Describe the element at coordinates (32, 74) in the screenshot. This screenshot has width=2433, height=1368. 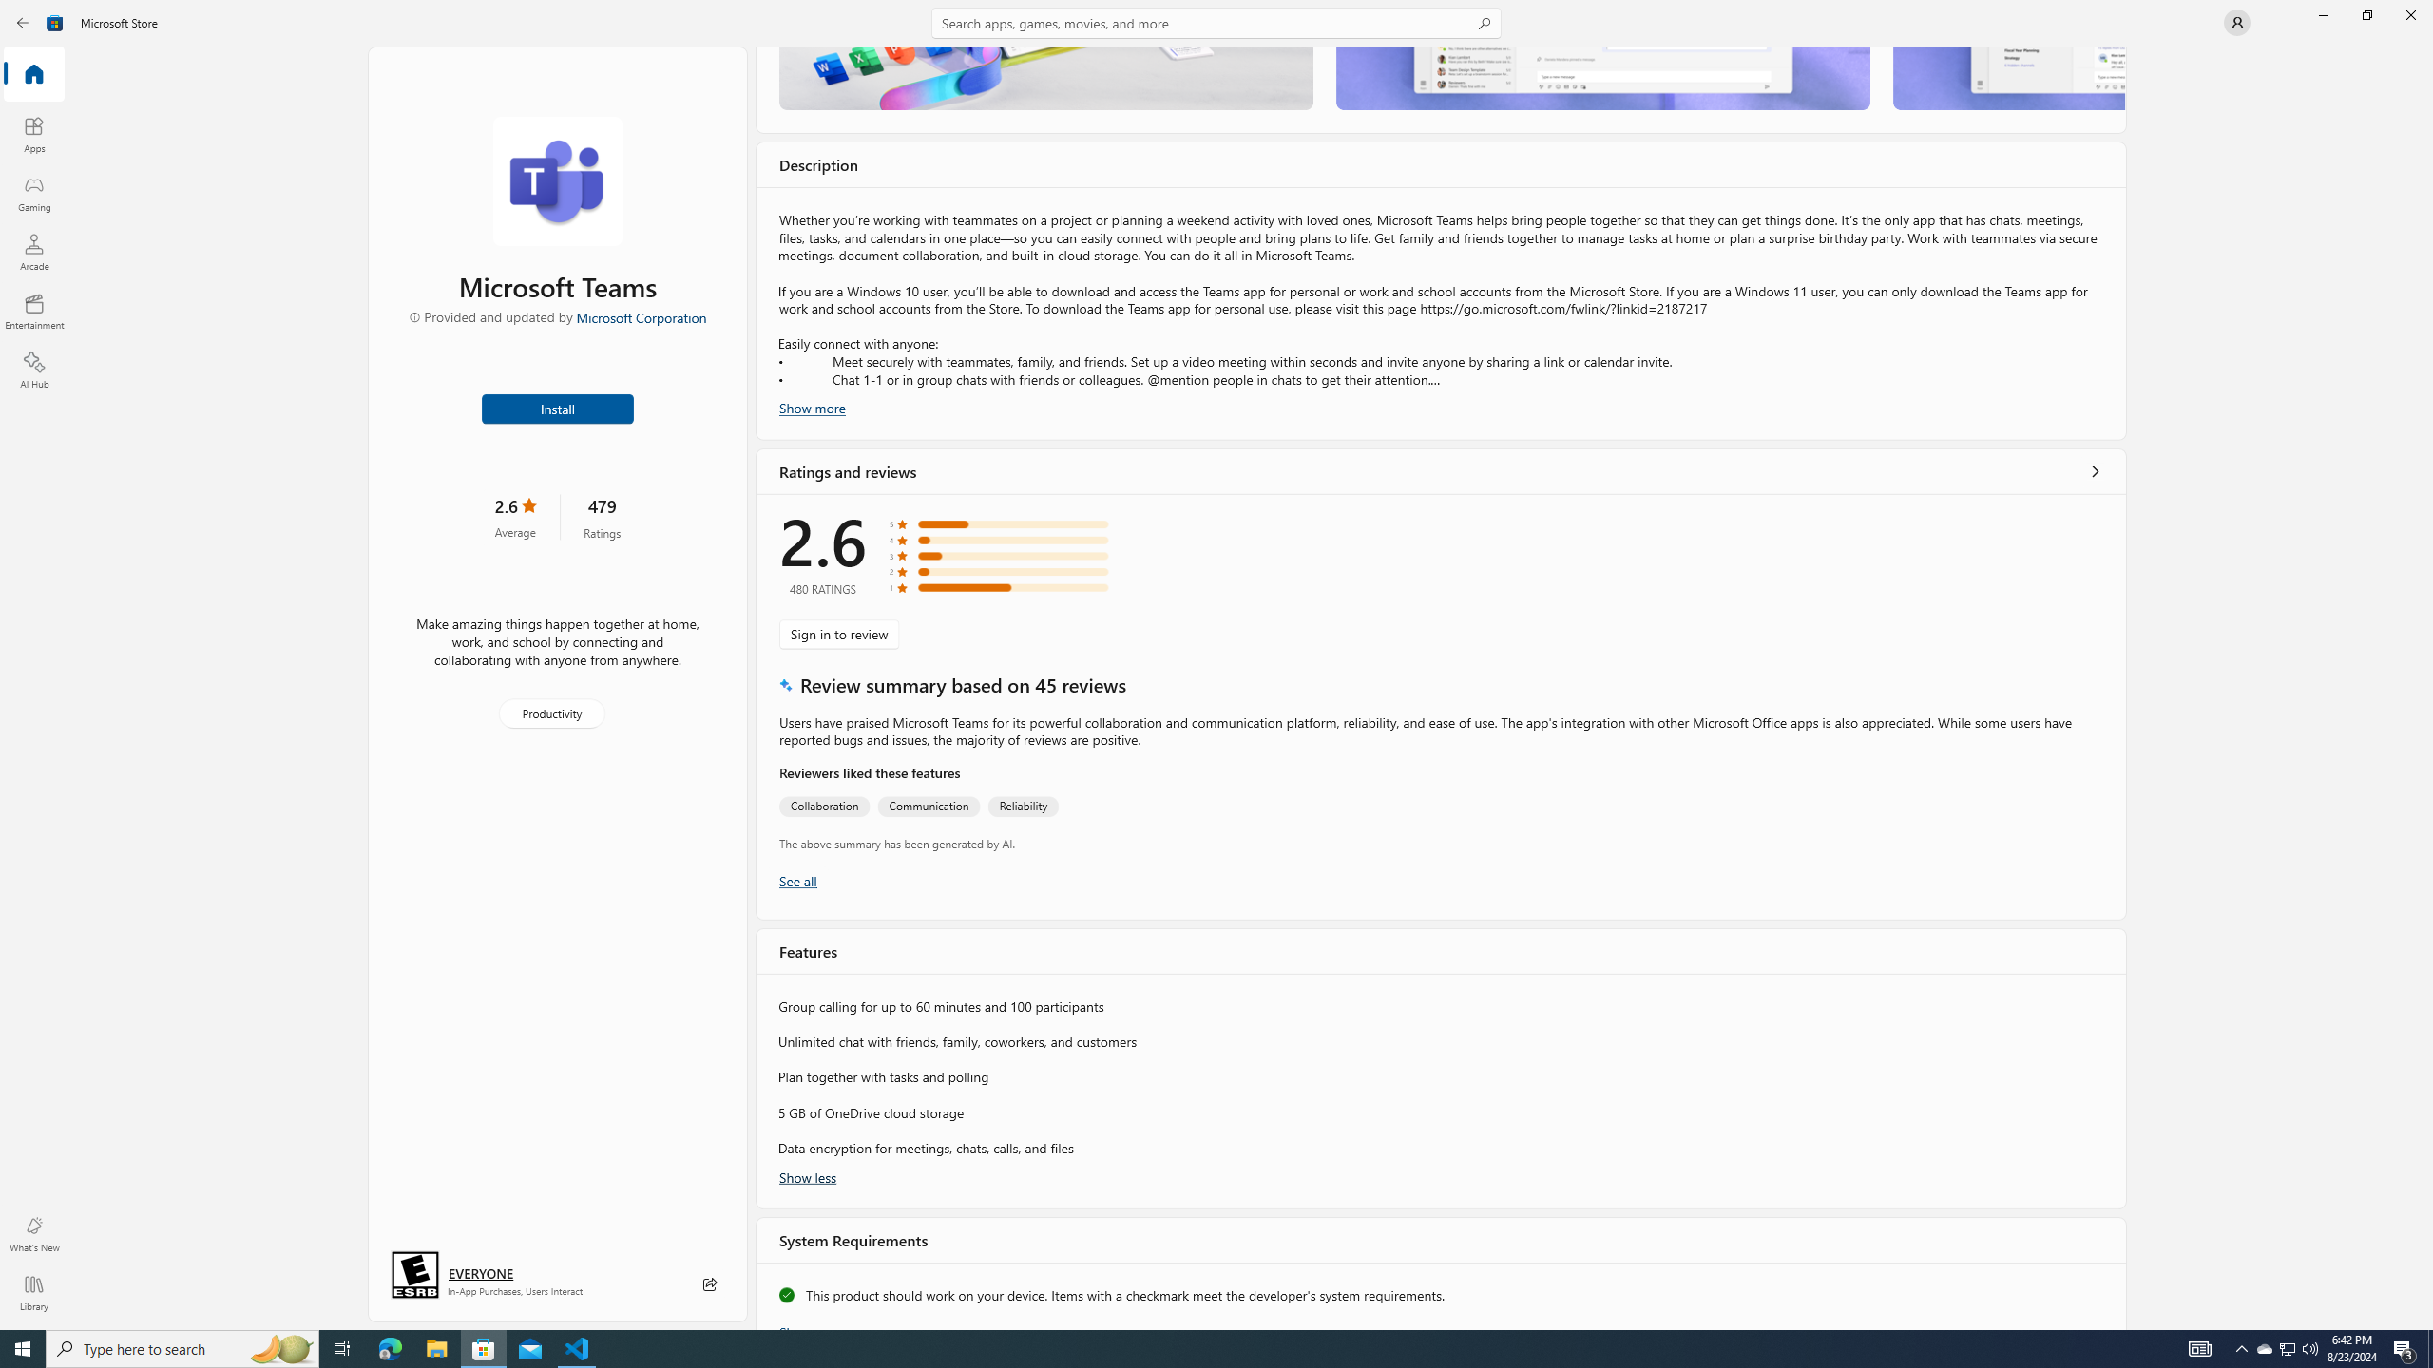
I see `'Home'` at that location.